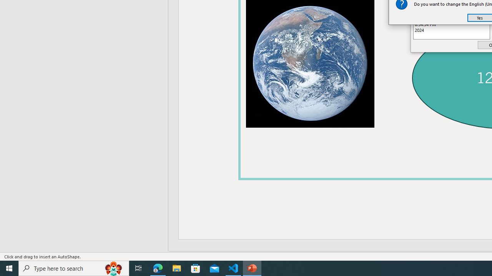 The image size is (492, 276). Describe the element at coordinates (138, 268) in the screenshot. I see `'Task View'` at that location.